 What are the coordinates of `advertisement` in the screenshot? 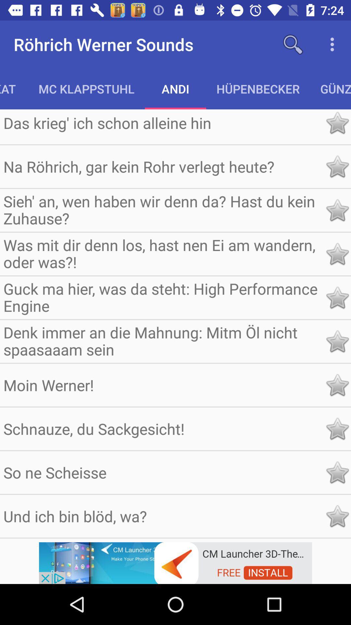 It's located at (175, 562).